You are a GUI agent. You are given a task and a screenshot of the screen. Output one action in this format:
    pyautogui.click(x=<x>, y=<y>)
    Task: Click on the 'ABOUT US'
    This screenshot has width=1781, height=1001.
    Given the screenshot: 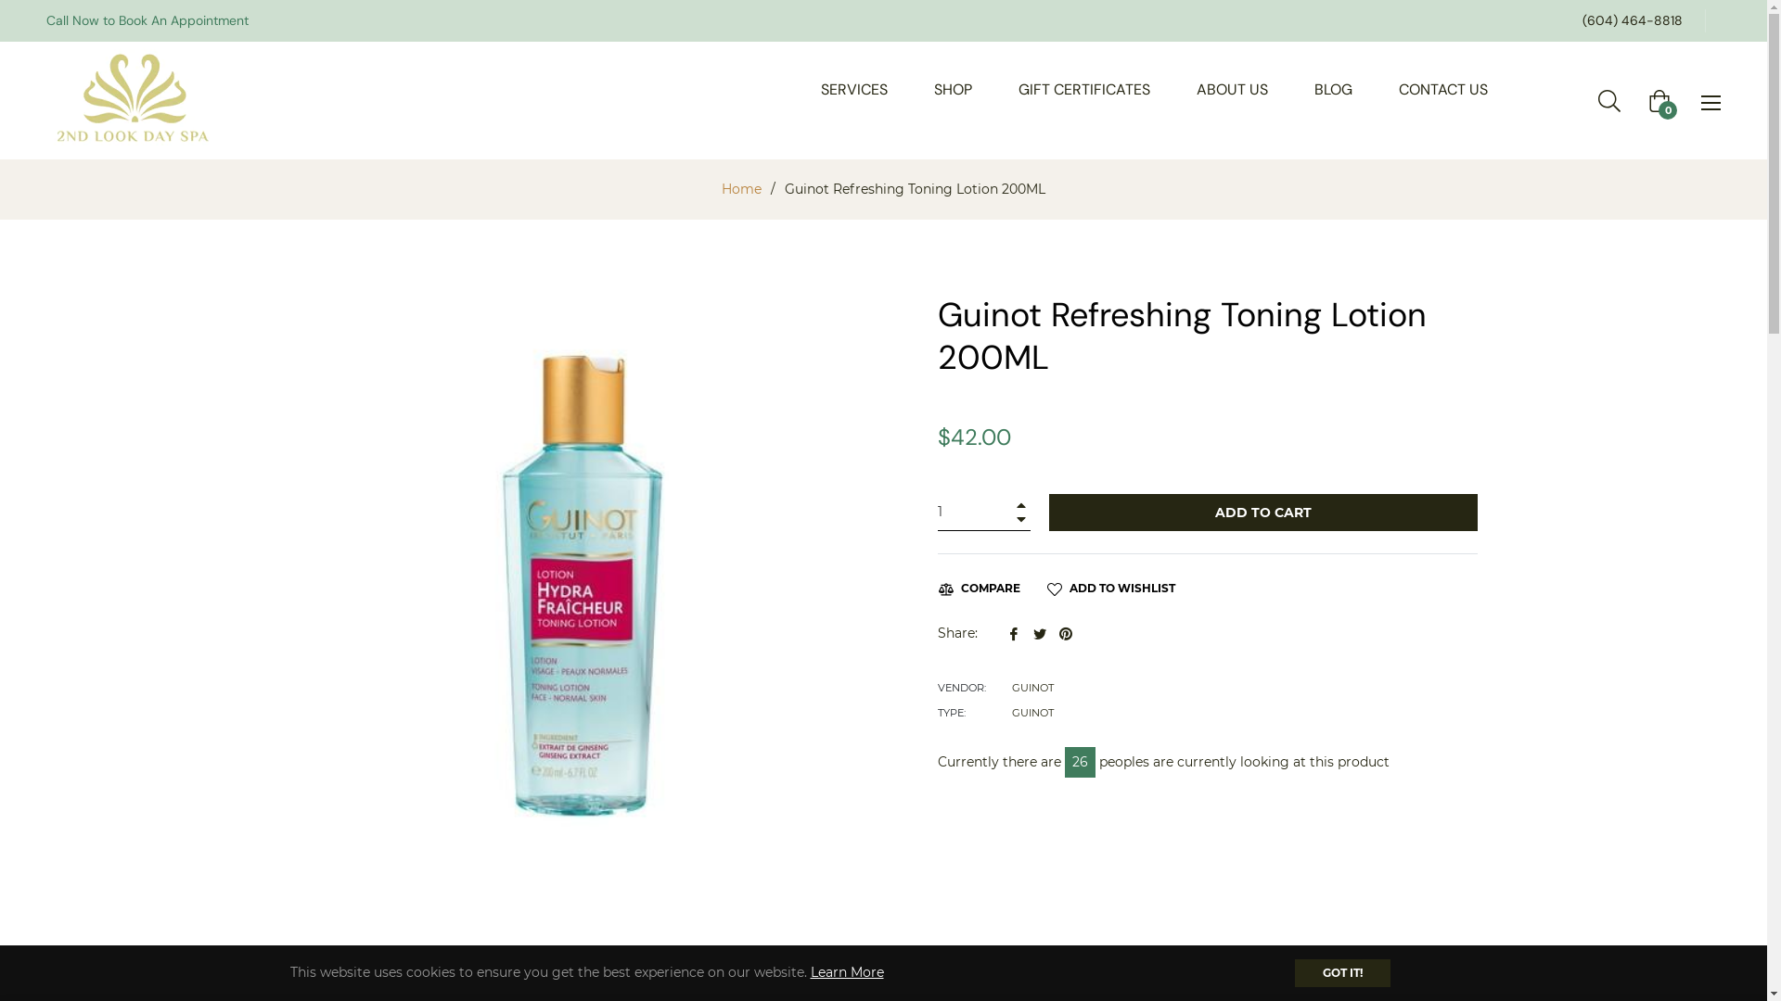 What is the action you would take?
    pyautogui.click(x=1232, y=90)
    